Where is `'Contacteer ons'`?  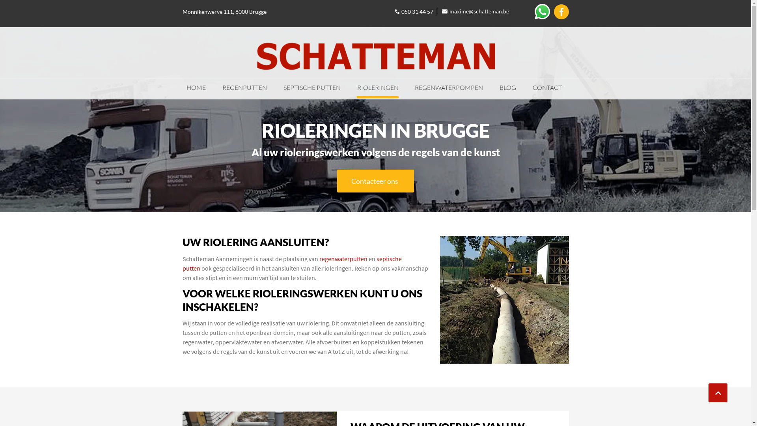
'Contacteer ons' is located at coordinates (375, 181).